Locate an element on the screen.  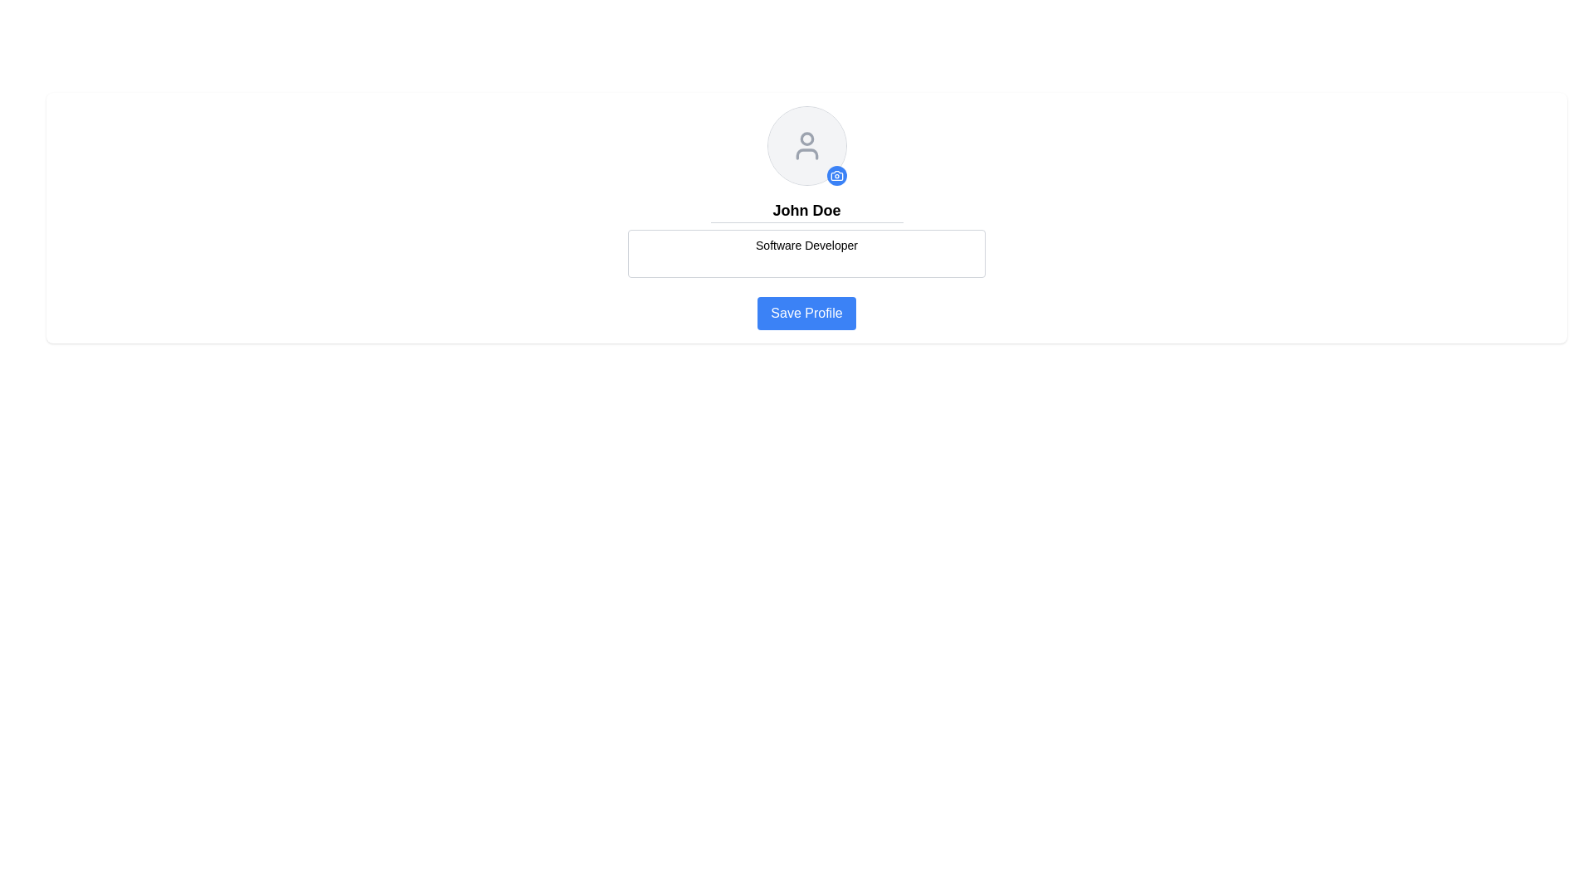
the editable text area displaying 'Software Developer' is located at coordinates (806, 253).